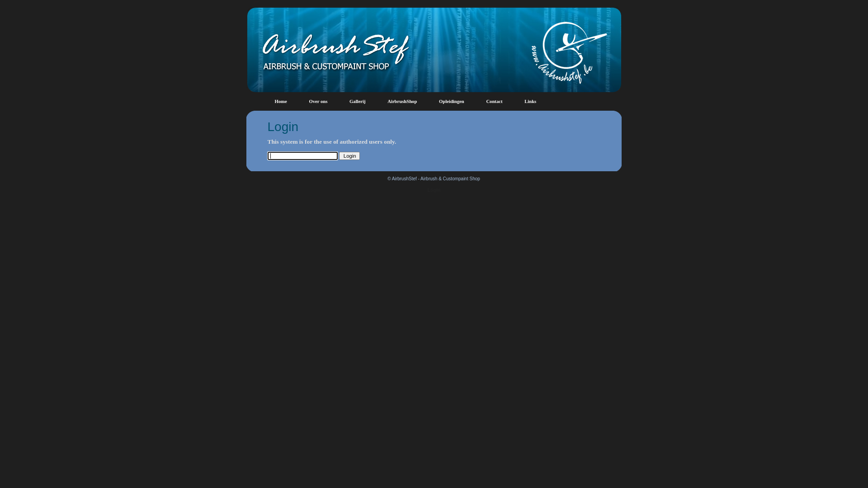 The height and width of the screenshot is (488, 868). I want to click on 'Home', so click(274, 101).